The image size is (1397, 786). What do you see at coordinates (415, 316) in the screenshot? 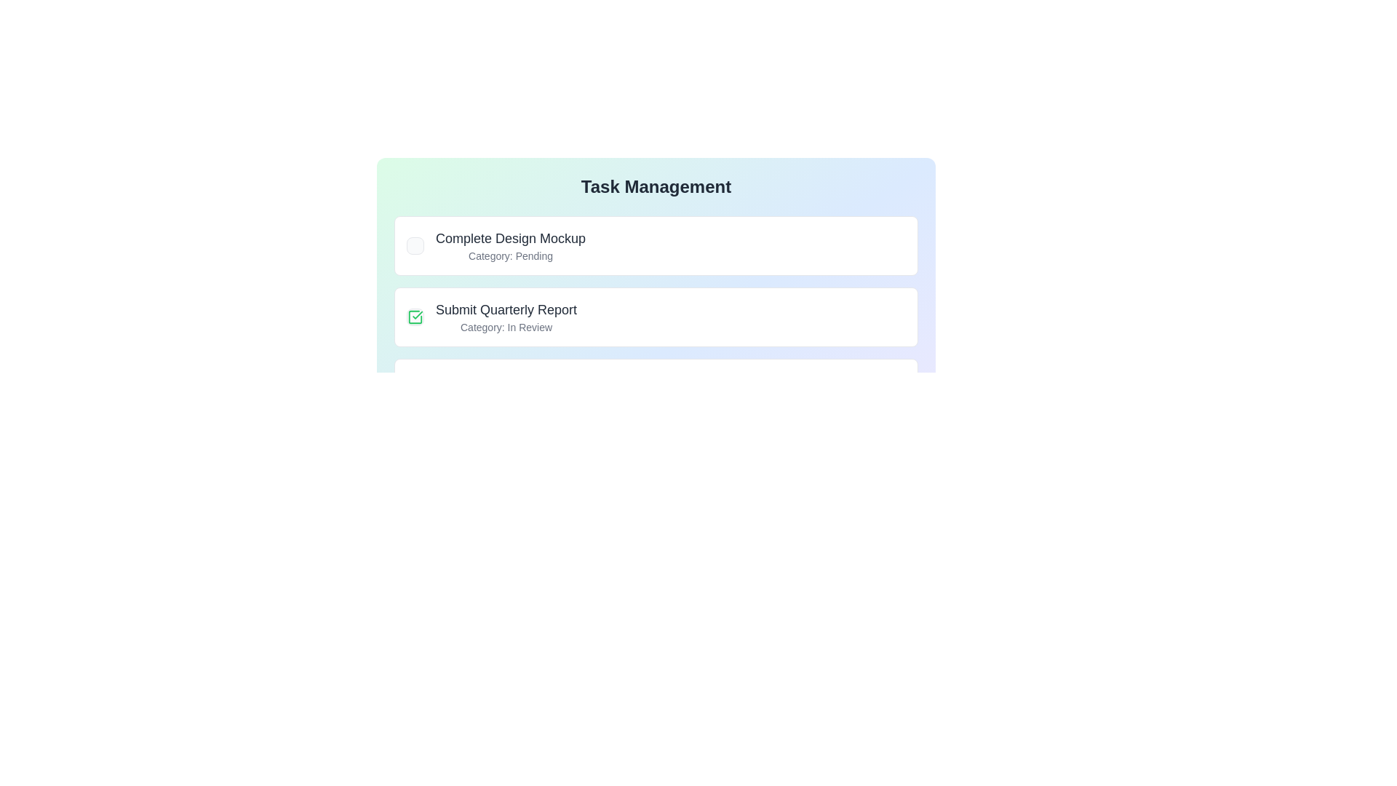
I see `the green check mark icon indicating completion status, located to the left of the 'Submit Quarterly Report' text in the task list` at bounding box center [415, 316].